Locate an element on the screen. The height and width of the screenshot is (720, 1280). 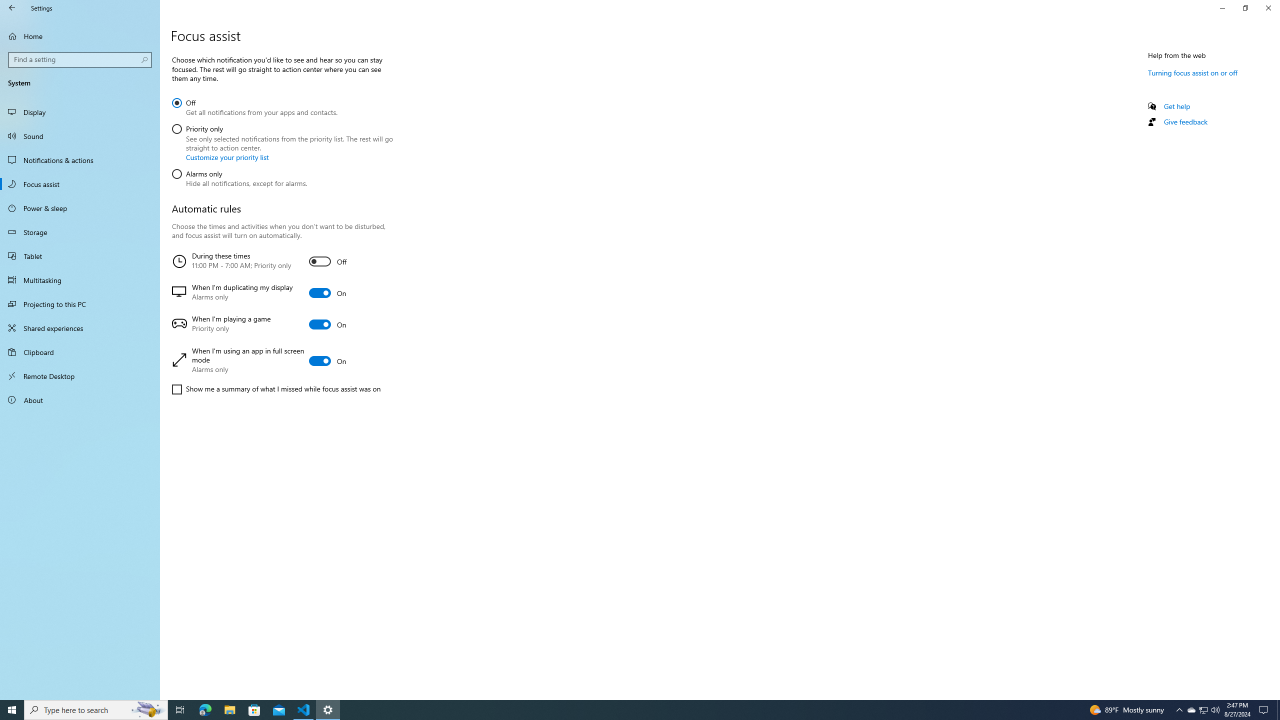
'Power & sleep' is located at coordinates (79, 207).